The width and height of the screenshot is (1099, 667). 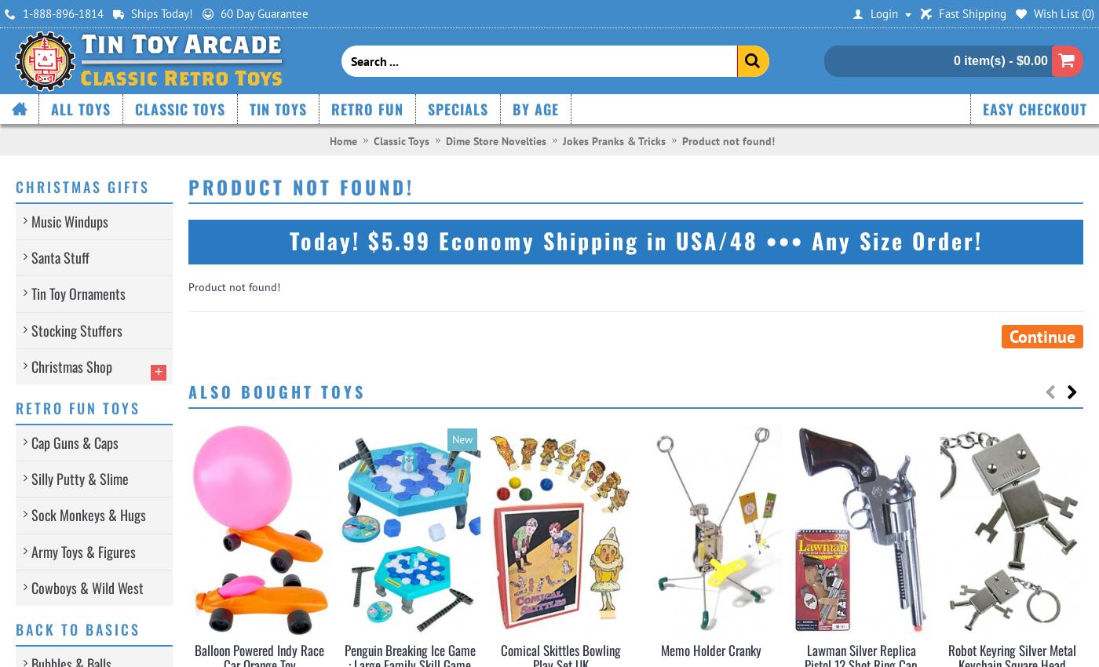 I want to click on 'Music Windups', so click(x=70, y=221).